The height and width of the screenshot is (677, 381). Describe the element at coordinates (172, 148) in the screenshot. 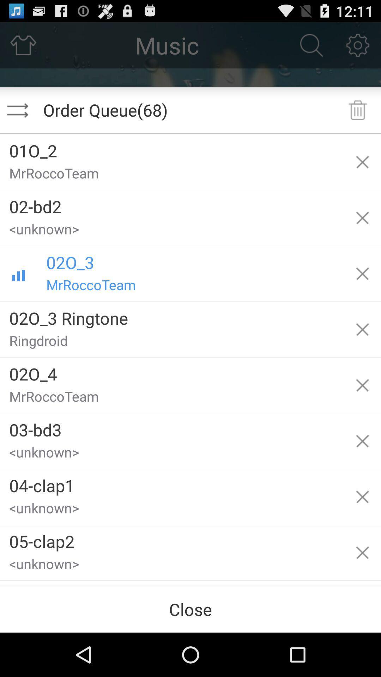

I see `the 01o_2 item` at that location.